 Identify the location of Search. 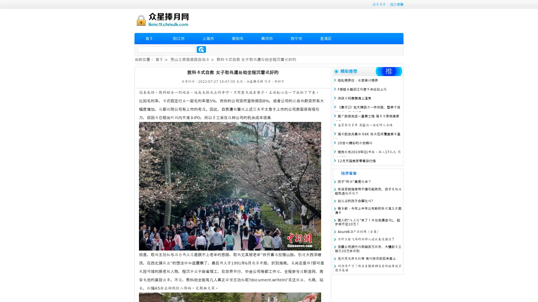
(201, 49).